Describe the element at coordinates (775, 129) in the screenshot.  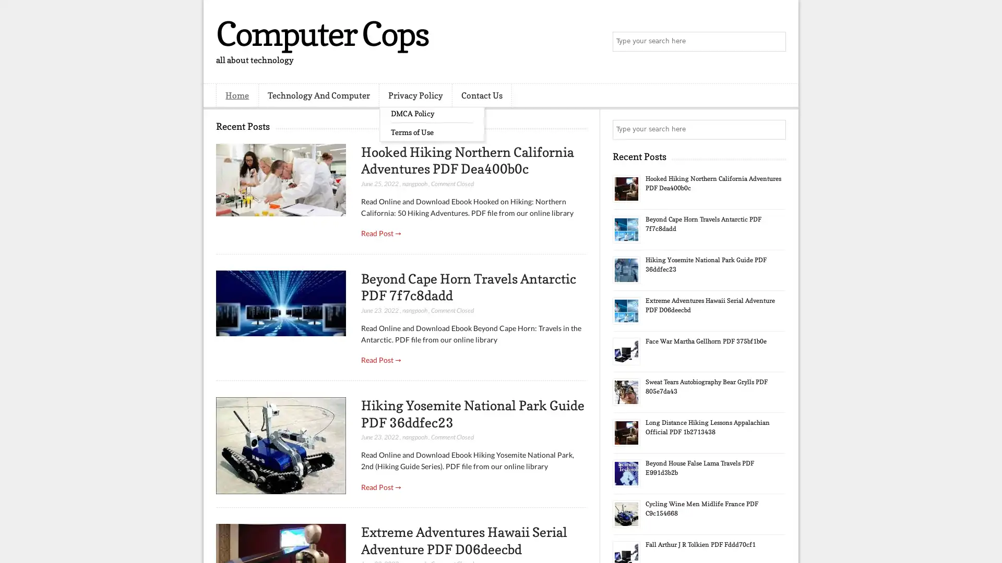
I see `Search` at that location.